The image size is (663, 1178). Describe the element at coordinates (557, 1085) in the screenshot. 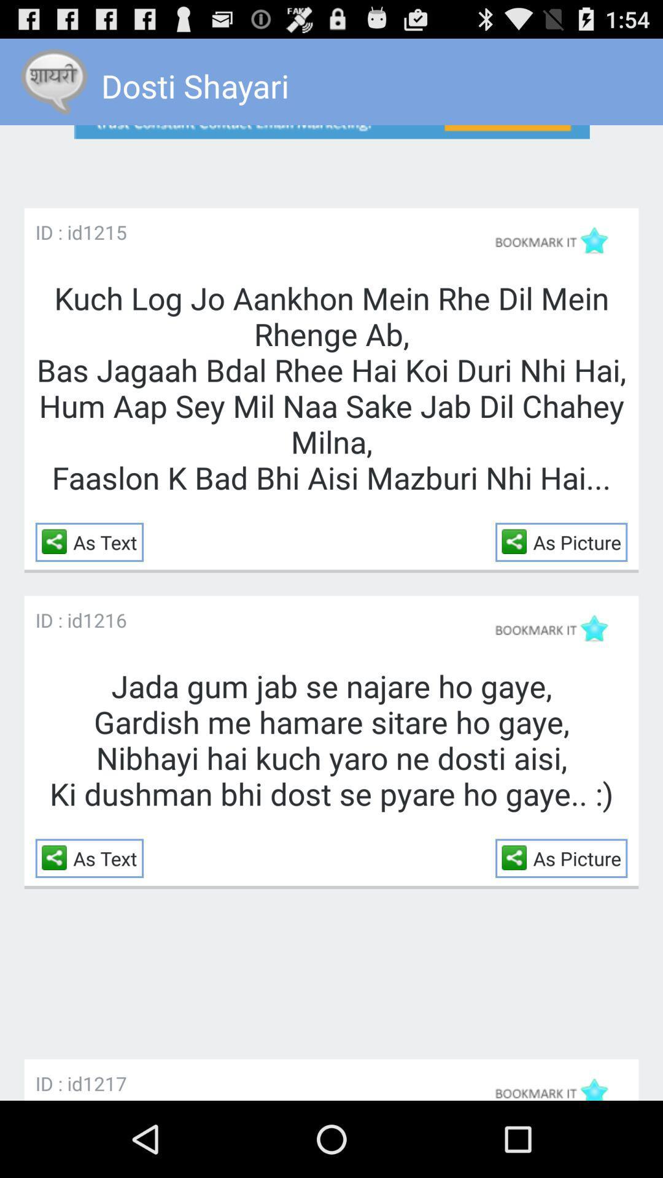

I see `bookmark this` at that location.